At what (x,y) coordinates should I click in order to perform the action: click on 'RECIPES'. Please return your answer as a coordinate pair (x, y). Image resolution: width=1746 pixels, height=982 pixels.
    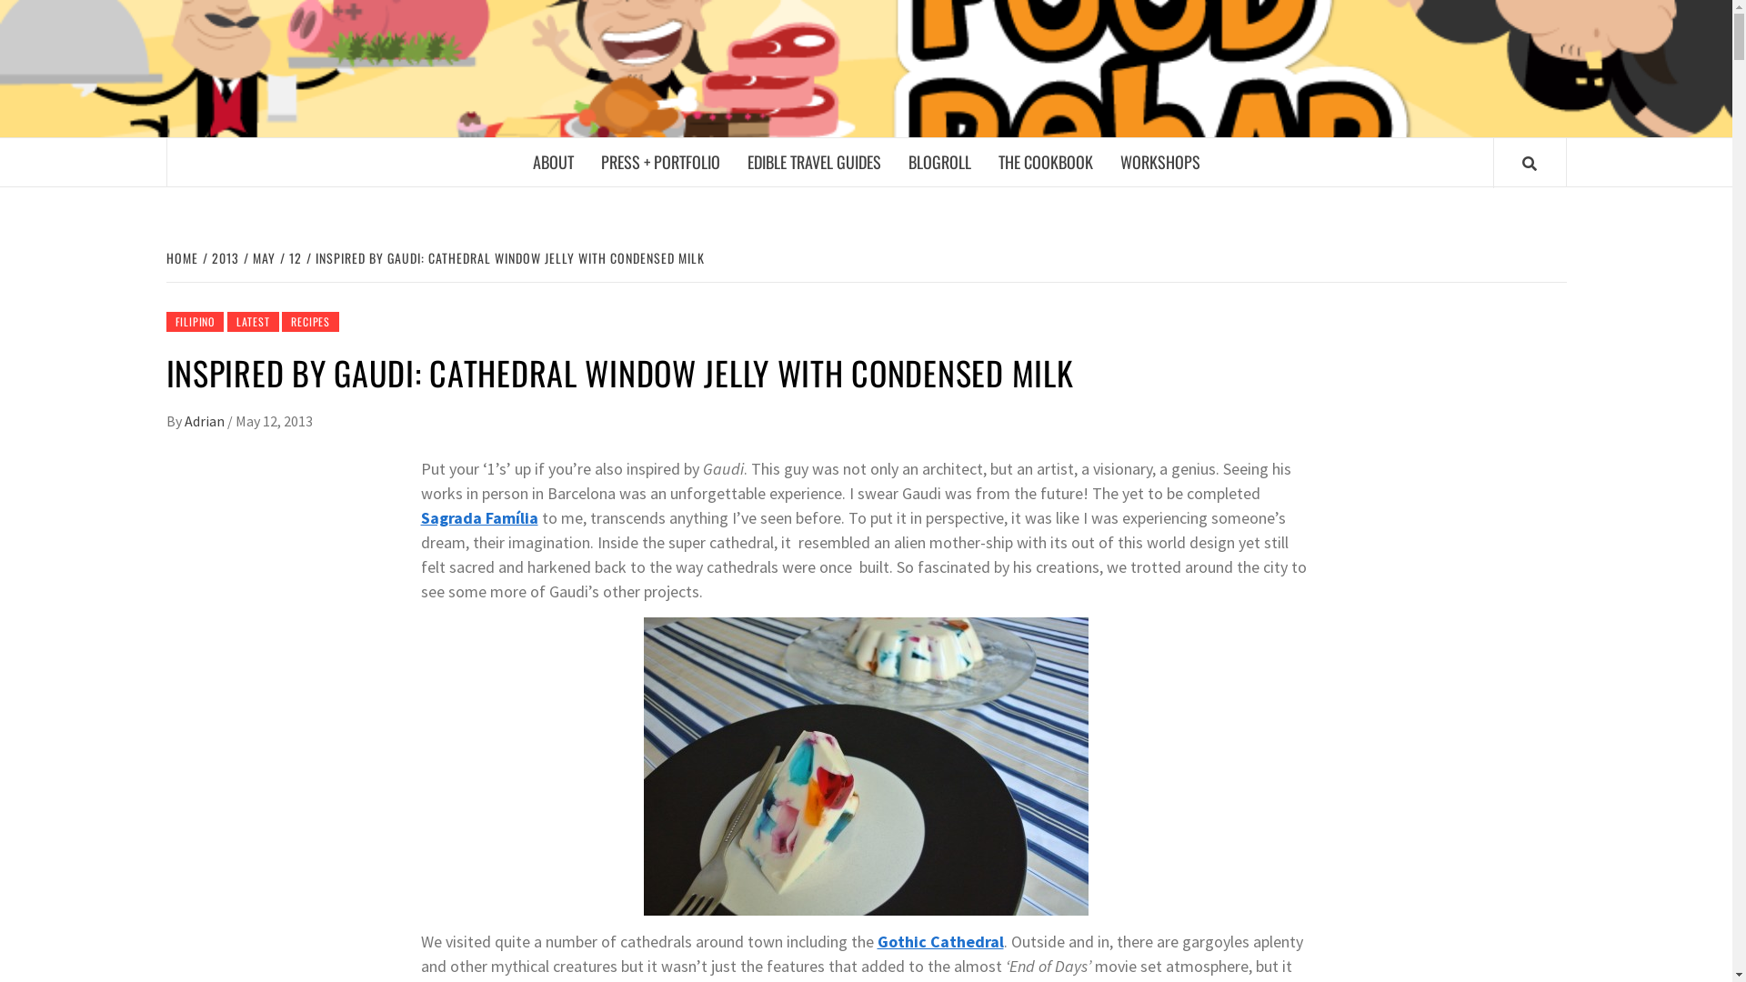
    Looking at the image, I should click on (310, 321).